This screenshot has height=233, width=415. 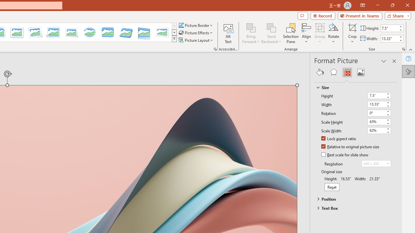 What do you see at coordinates (352, 27) in the screenshot?
I see `'Crop'` at bounding box center [352, 27].